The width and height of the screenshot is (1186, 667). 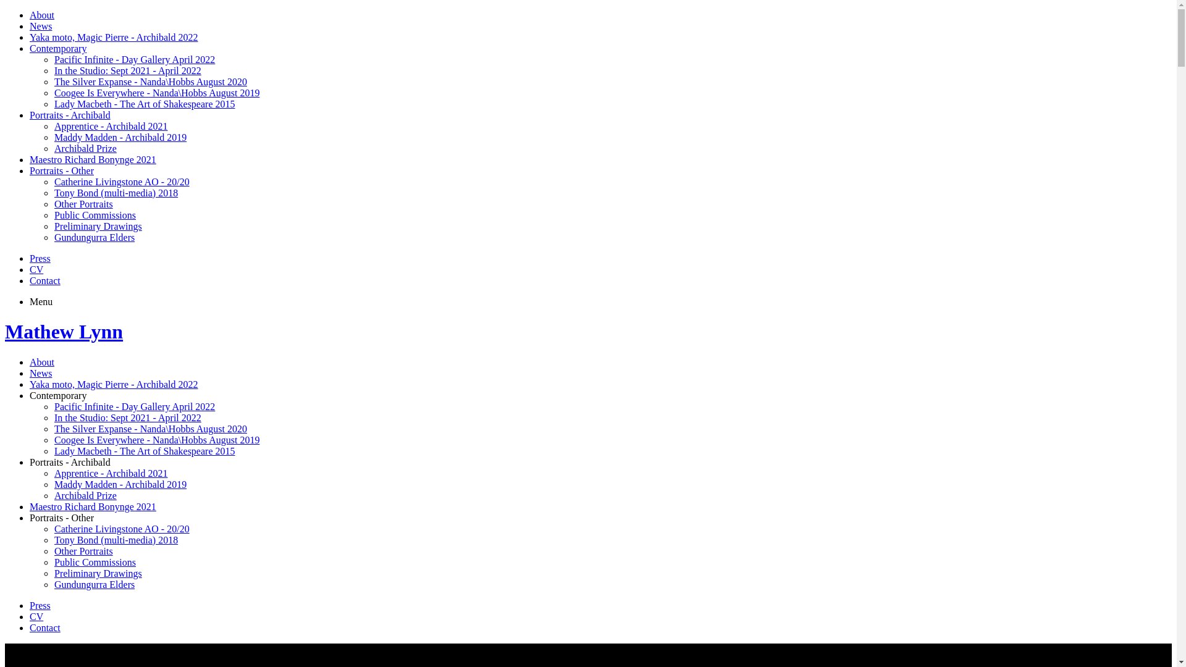 I want to click on 'Contemporary', so click(x=30, y=48).